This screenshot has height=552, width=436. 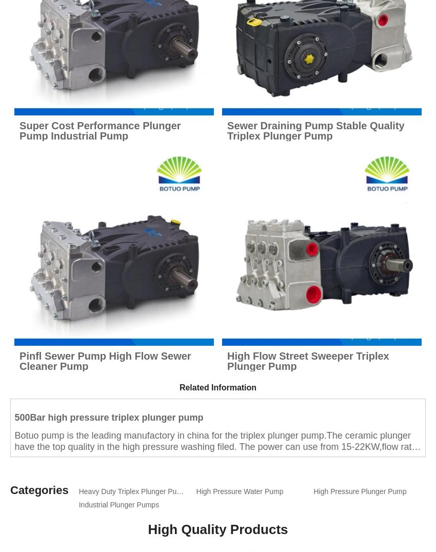 What do you see at coordinates (13, 447) in the screenshot?
I see `'Botuo pump is the leading manufactory in china for the triplex plunger pump.The ceramic plunger have the top quality in the high pressure washing filed. The power can use from 15-22KW,flow rate from...'` at bounding box center [13, 447].